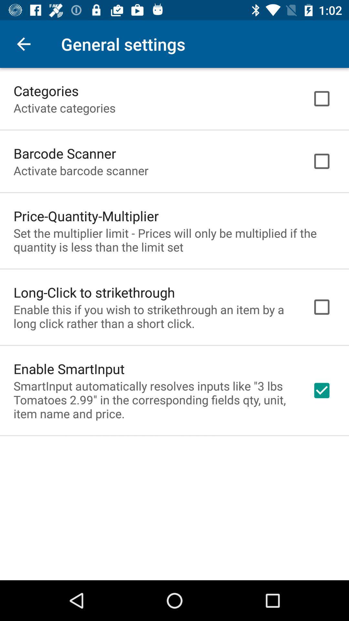 This screenshot has width=349, height=621. I want to click on icon above enable smartinput, so click(154, 316).